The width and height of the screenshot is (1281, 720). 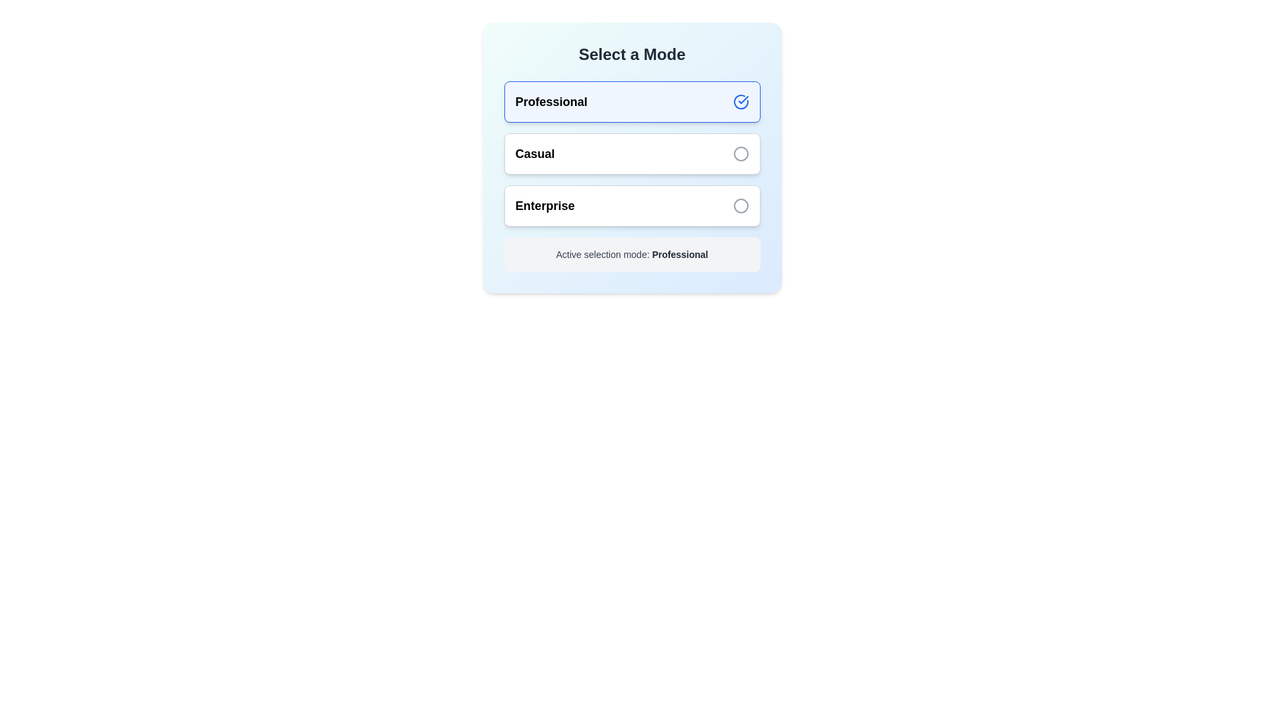 I want to click on the 'Enterprise' selectable card, which is the third option in a vertical list, to trigger its hover effects, so click(x=631, y=205).